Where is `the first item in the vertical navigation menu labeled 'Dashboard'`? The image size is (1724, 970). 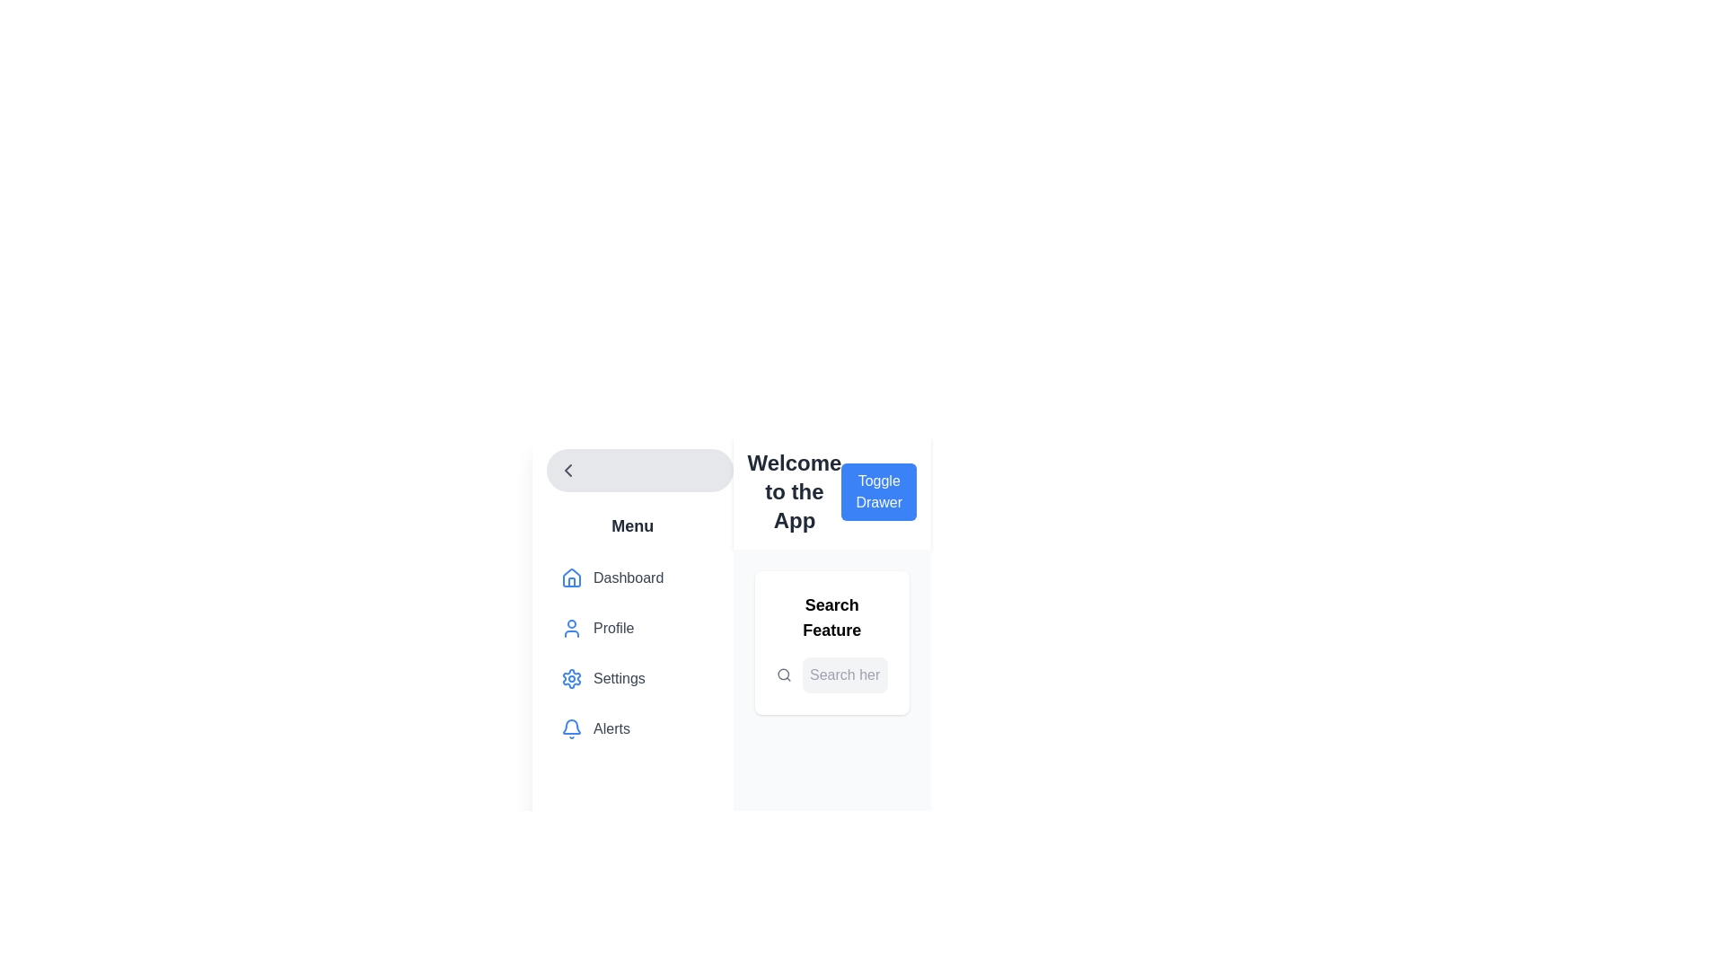
the first item in the vertical navigation menu labeled 'Dashboard' is located at coordinates (632, 578).